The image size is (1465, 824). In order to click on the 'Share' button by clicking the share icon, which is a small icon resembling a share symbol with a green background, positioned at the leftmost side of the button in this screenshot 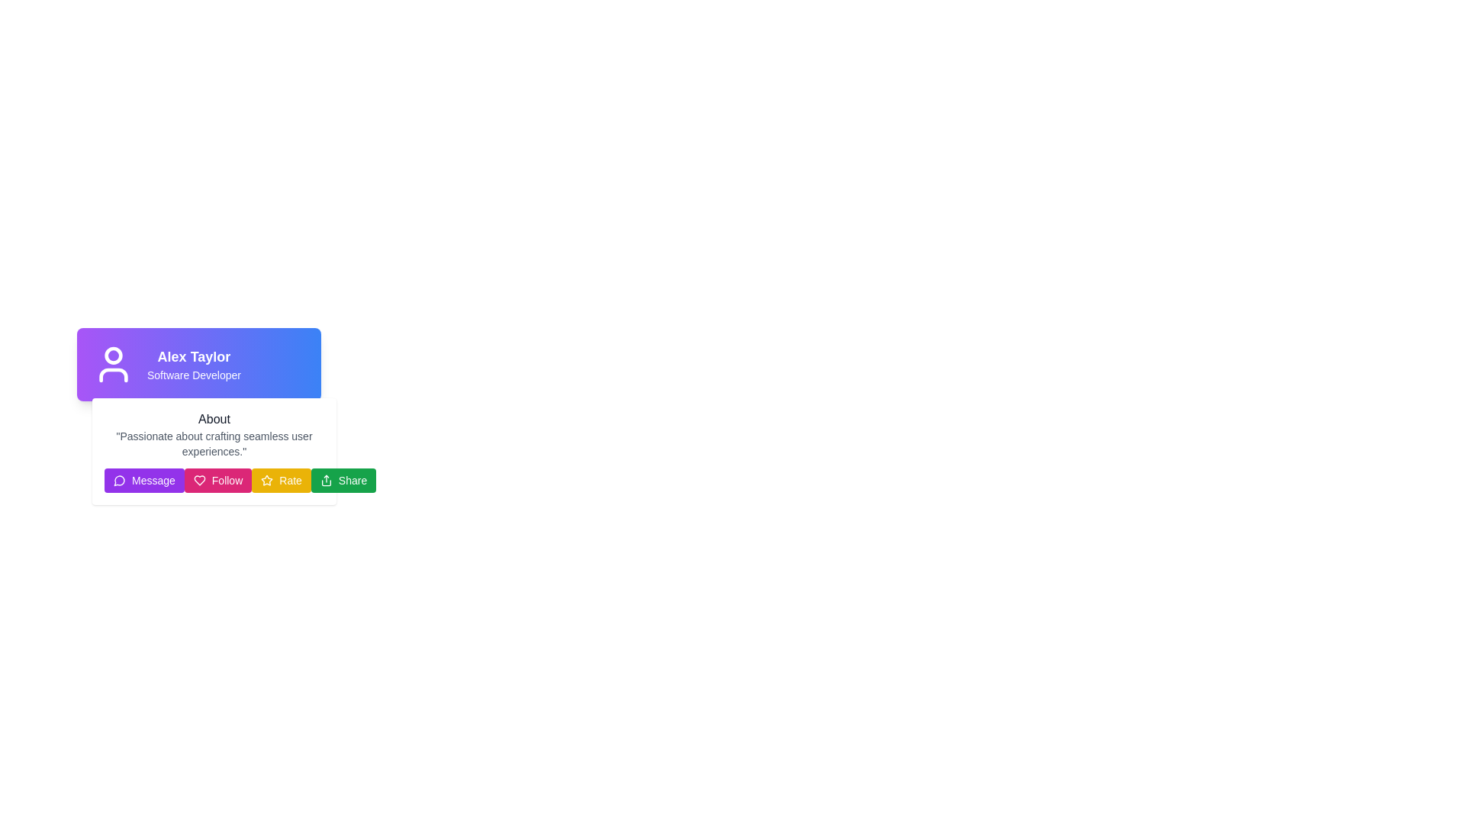, I will do `click(325, 479)`.